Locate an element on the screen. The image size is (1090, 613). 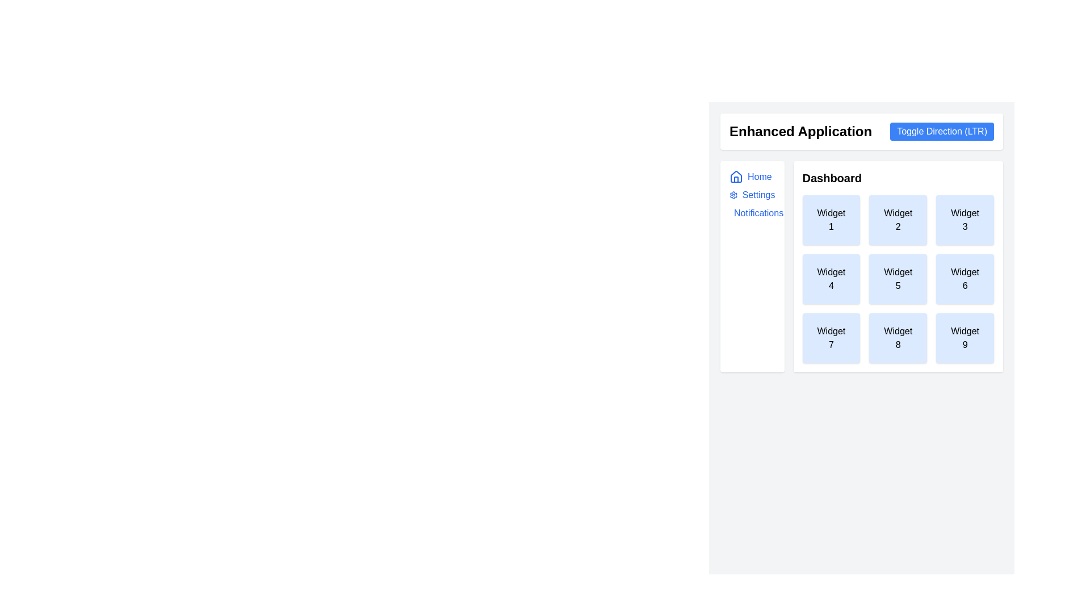
the button labeled 'Widget 4', which is a rectangular button with rounded corners and a light blue background, located in the first cell of the second row of a grid layout is located at coordinates (831, 279).